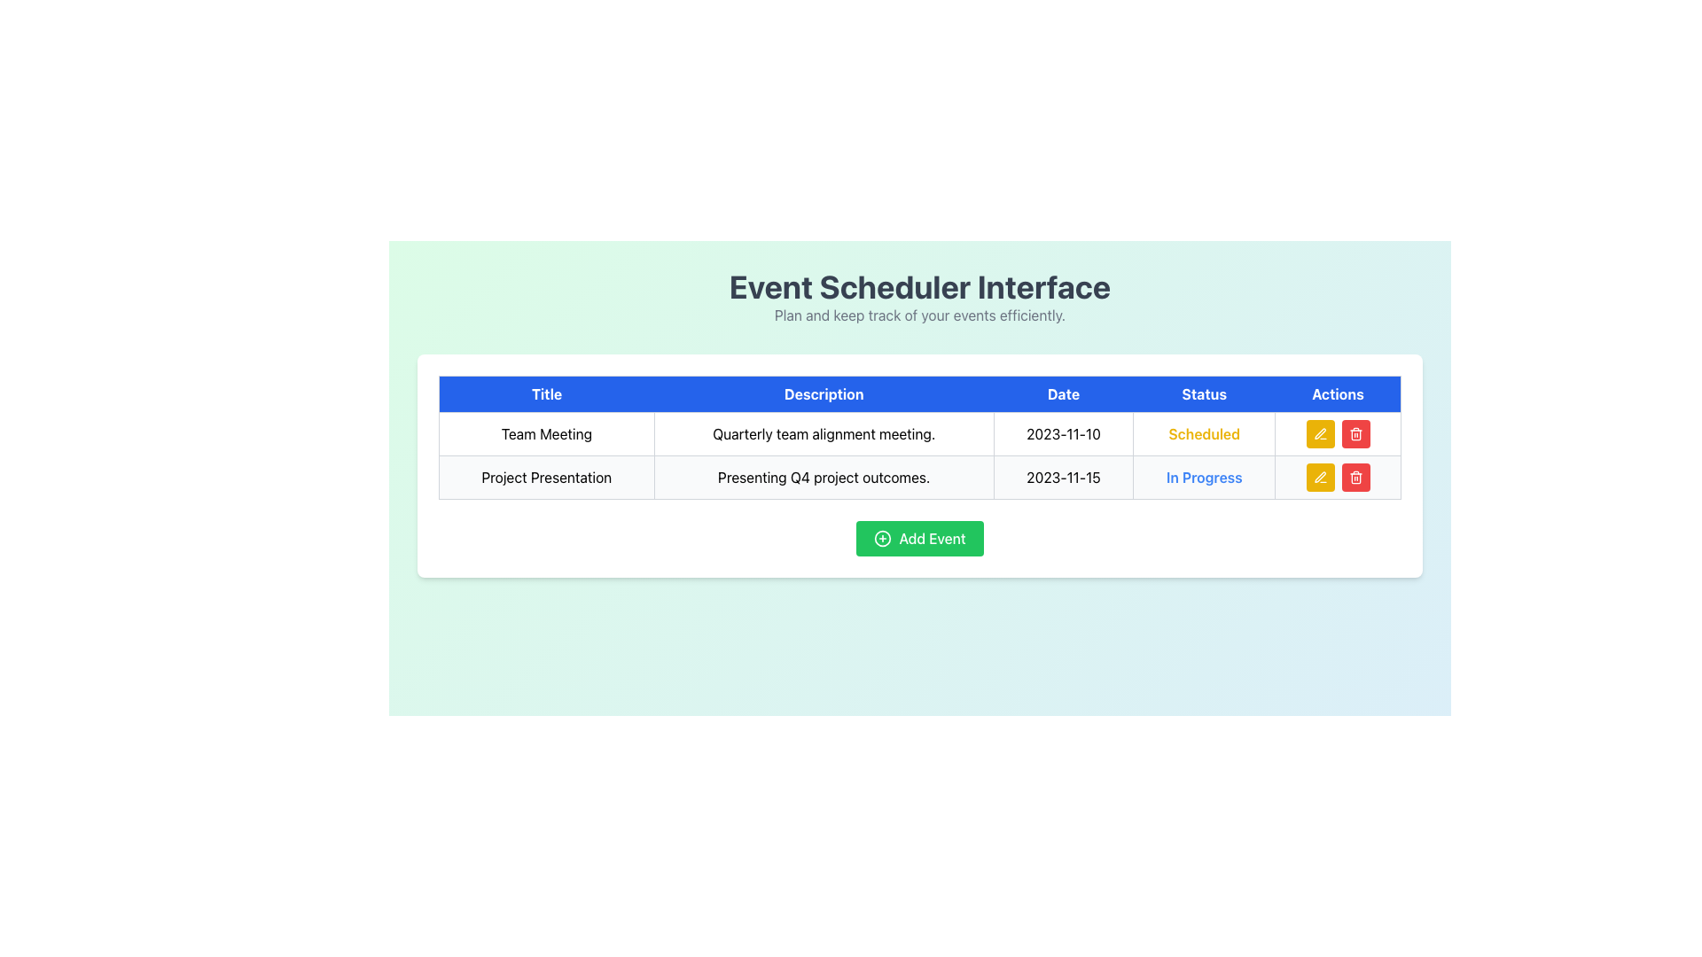 The height and width of the screenshot is (957, 1702). What do you see at coordinates (919, 477) in the screenshot?
I see `the second row of the table` at bounding box center [919, 477].